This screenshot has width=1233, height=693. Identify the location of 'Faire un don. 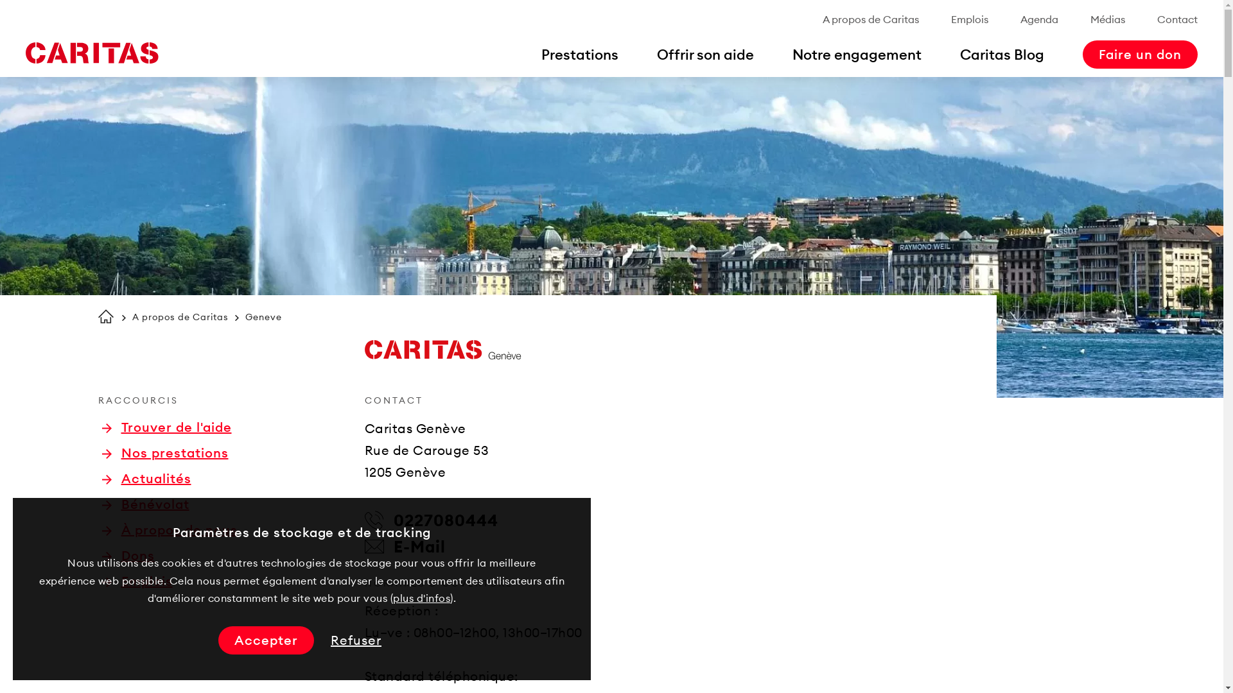
(1140, 53).